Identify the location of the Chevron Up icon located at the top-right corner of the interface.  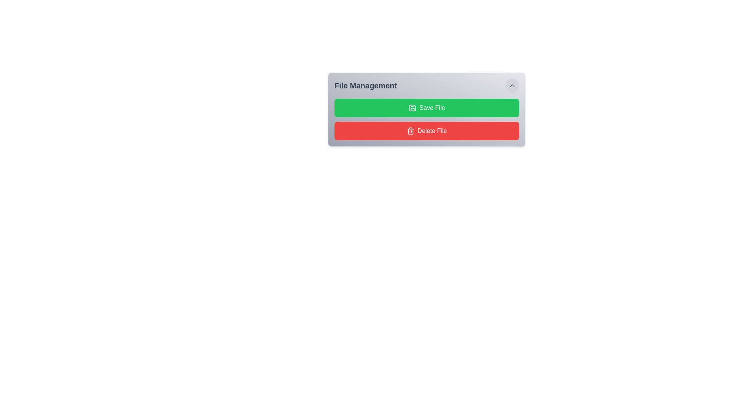
(512, 86).